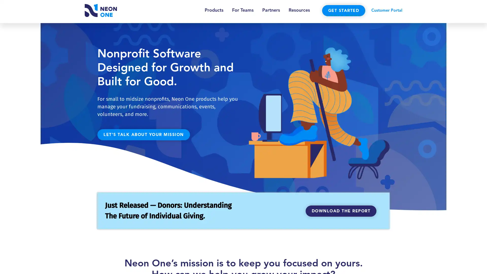  What do you see at coordinates (271, 10) in the screenshot?
I see `Partners` at bounding box center [271, 10].